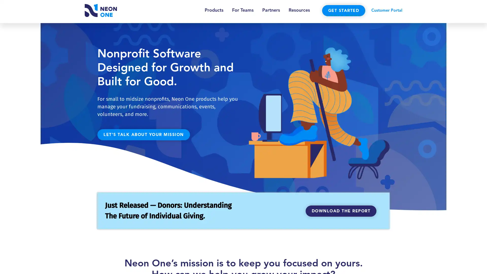  What do you see at coordinates (271, 10) in the screenshot?
I see `Partners` at bounding box center [271, 10].